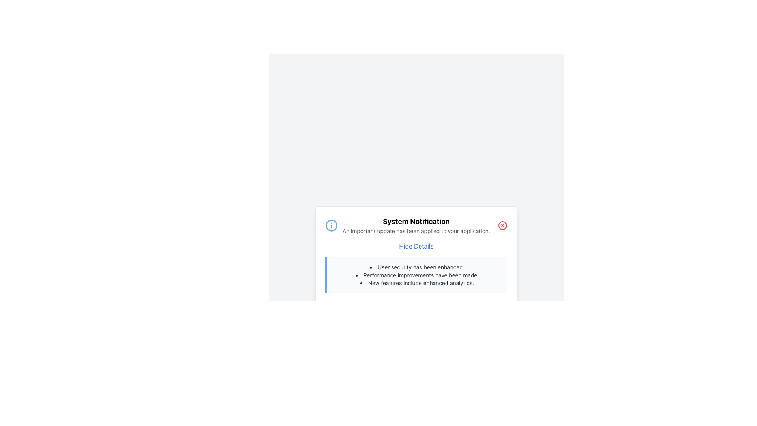 The width and height of the screenshot is (757, 426). Describe the element at coordinates (416, 225) in the screenshot. I see `the Notification bar with the title 'System Notification' which includes a blue info icon on the left and a red close icon on the right` at that location.